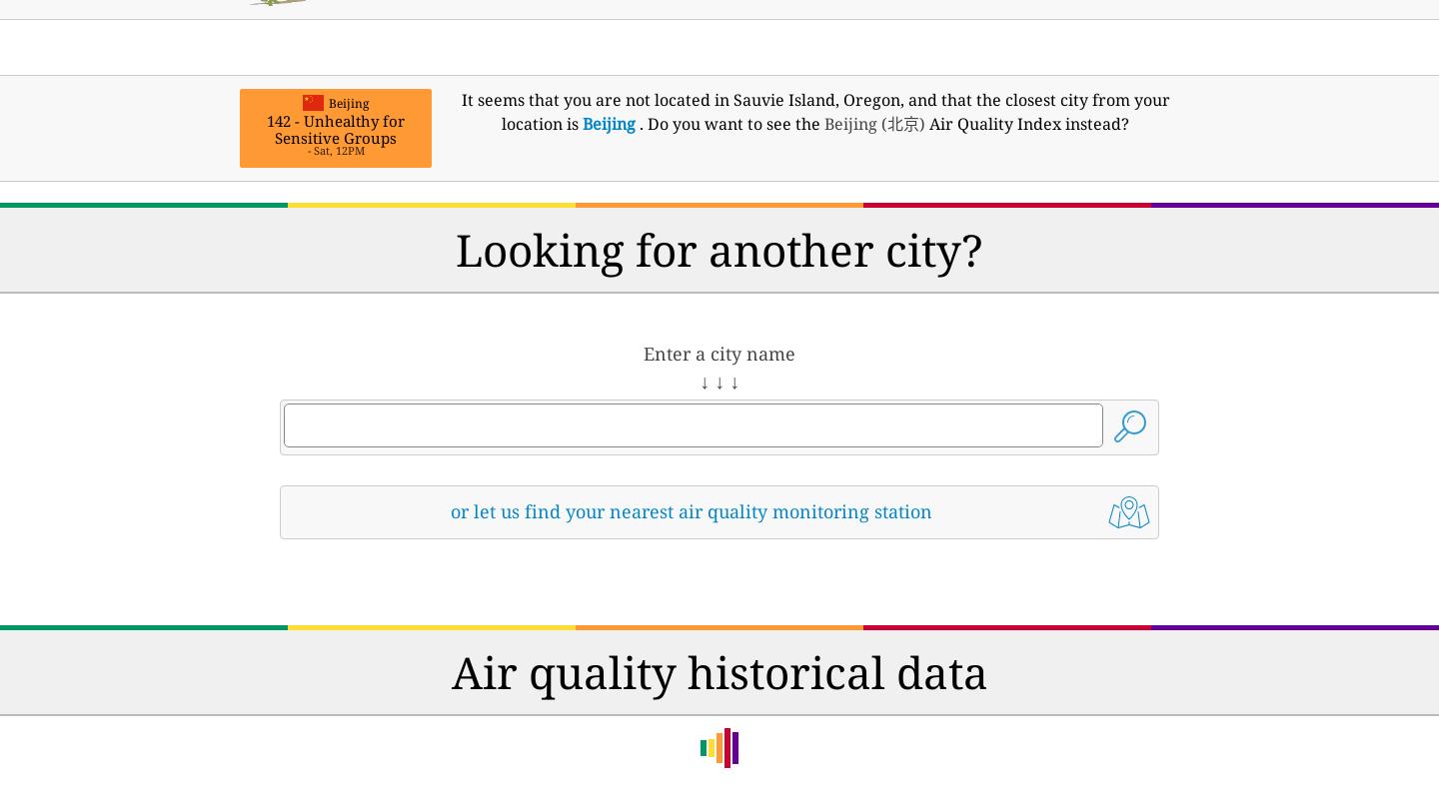  What do you see at coordinates (728, 124) in the screenshot?
I see `'. Do you want to see the'` at bounding box center [728, 124].